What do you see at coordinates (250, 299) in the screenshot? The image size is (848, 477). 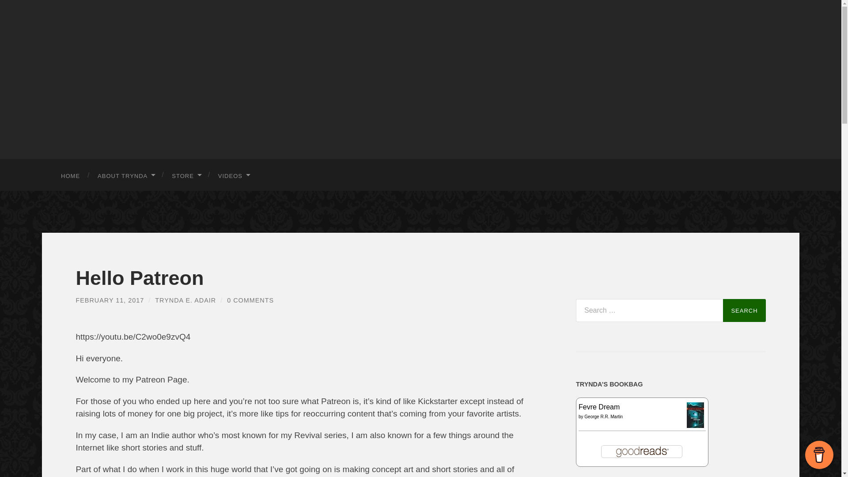 I see `'0 COMMENTS'` at bounding box center [250, 299].